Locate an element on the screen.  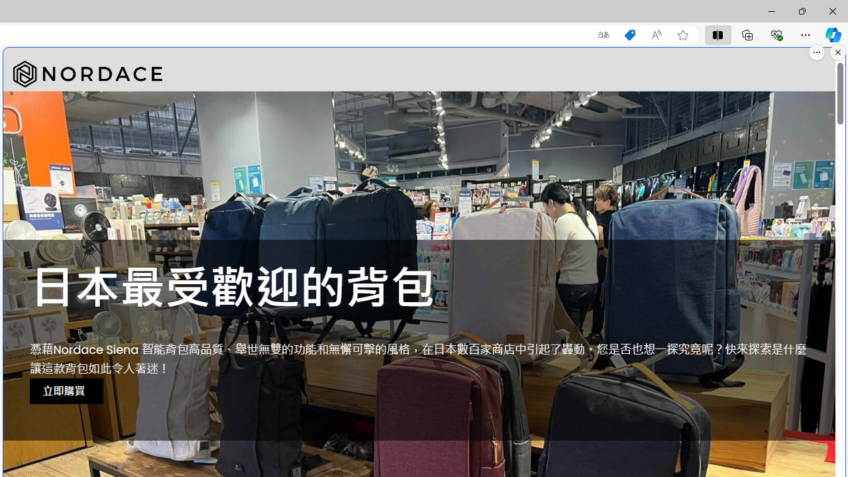
'Close' is located at coordinates (831, 11).